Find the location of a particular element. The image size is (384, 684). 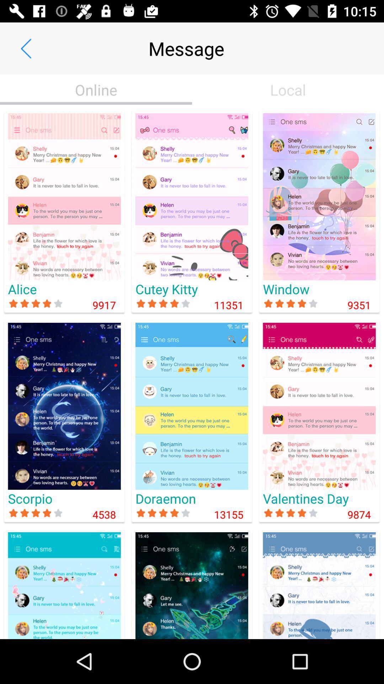

the item to the left of the message app is located at coordinates (26, 48).